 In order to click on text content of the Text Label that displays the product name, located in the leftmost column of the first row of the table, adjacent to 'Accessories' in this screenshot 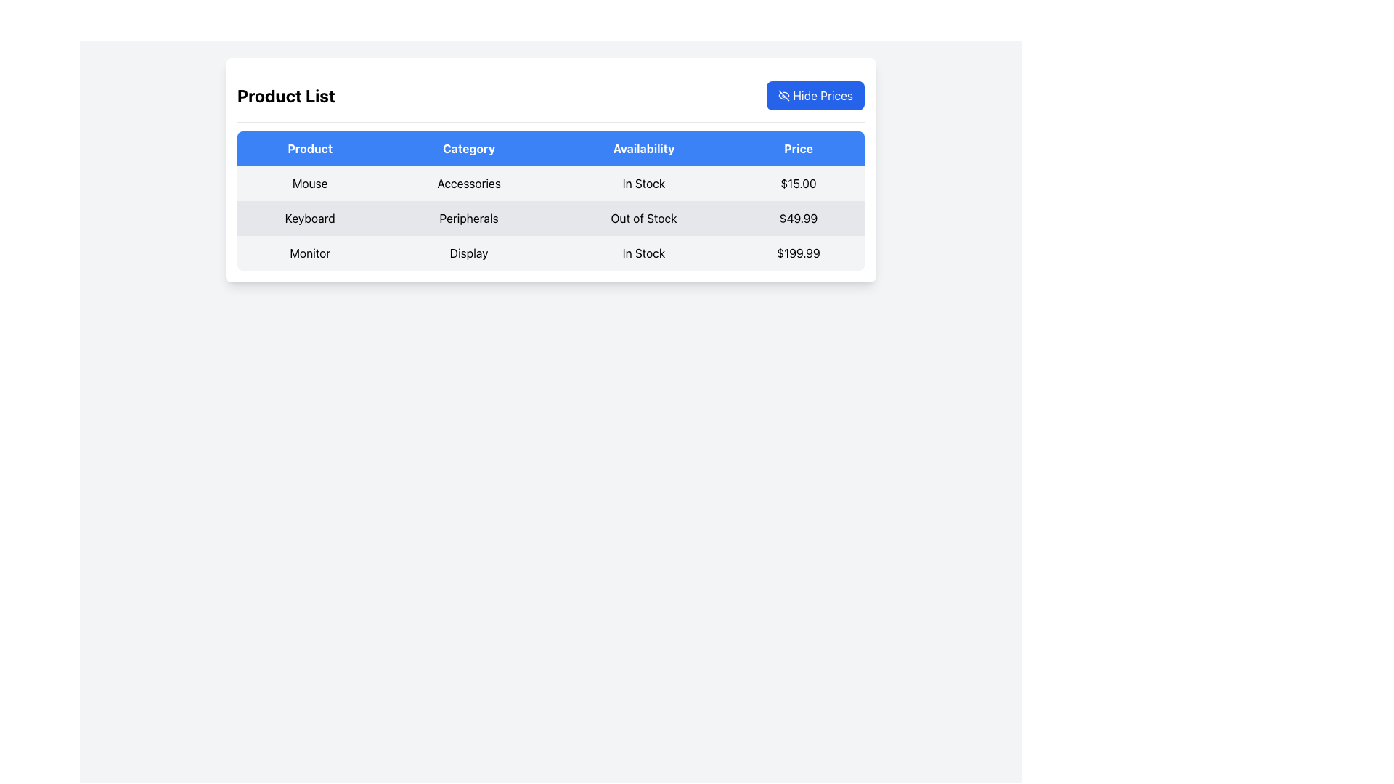, I will do `click(309, 183)`.